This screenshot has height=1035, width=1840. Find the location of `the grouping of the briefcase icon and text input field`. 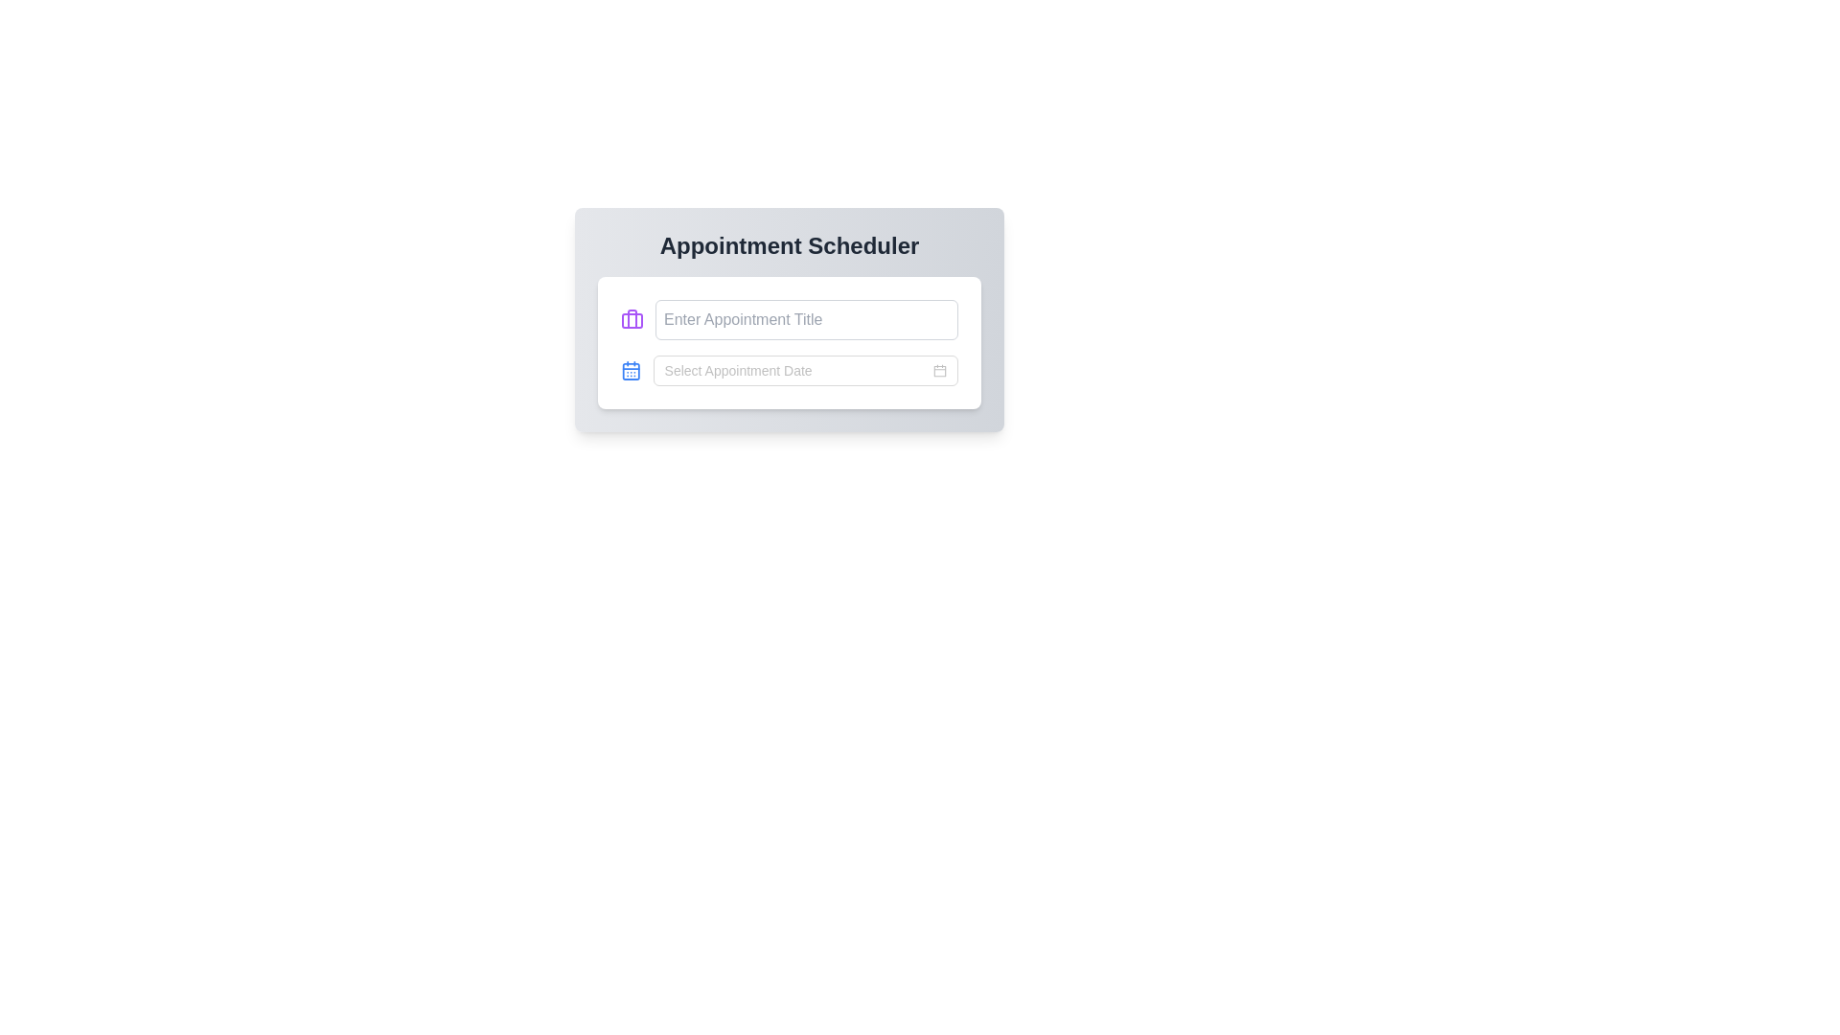

the grouping of the briefcase icon and text input field is located at coordinates (790, 319).